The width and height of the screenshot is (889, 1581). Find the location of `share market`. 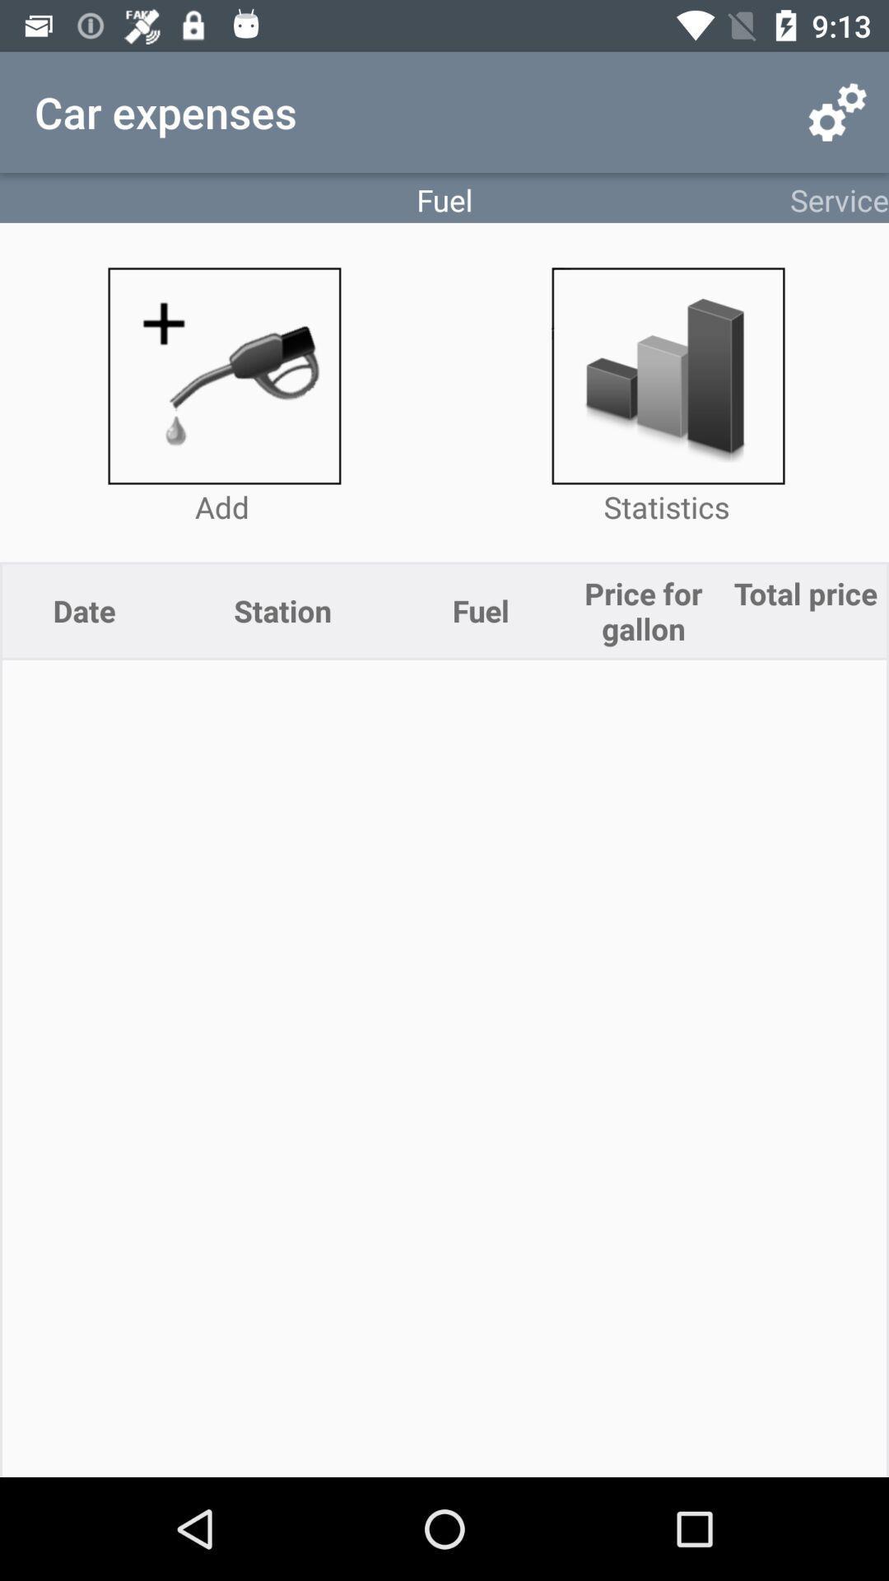

share market is located at coordinates (667, 375).